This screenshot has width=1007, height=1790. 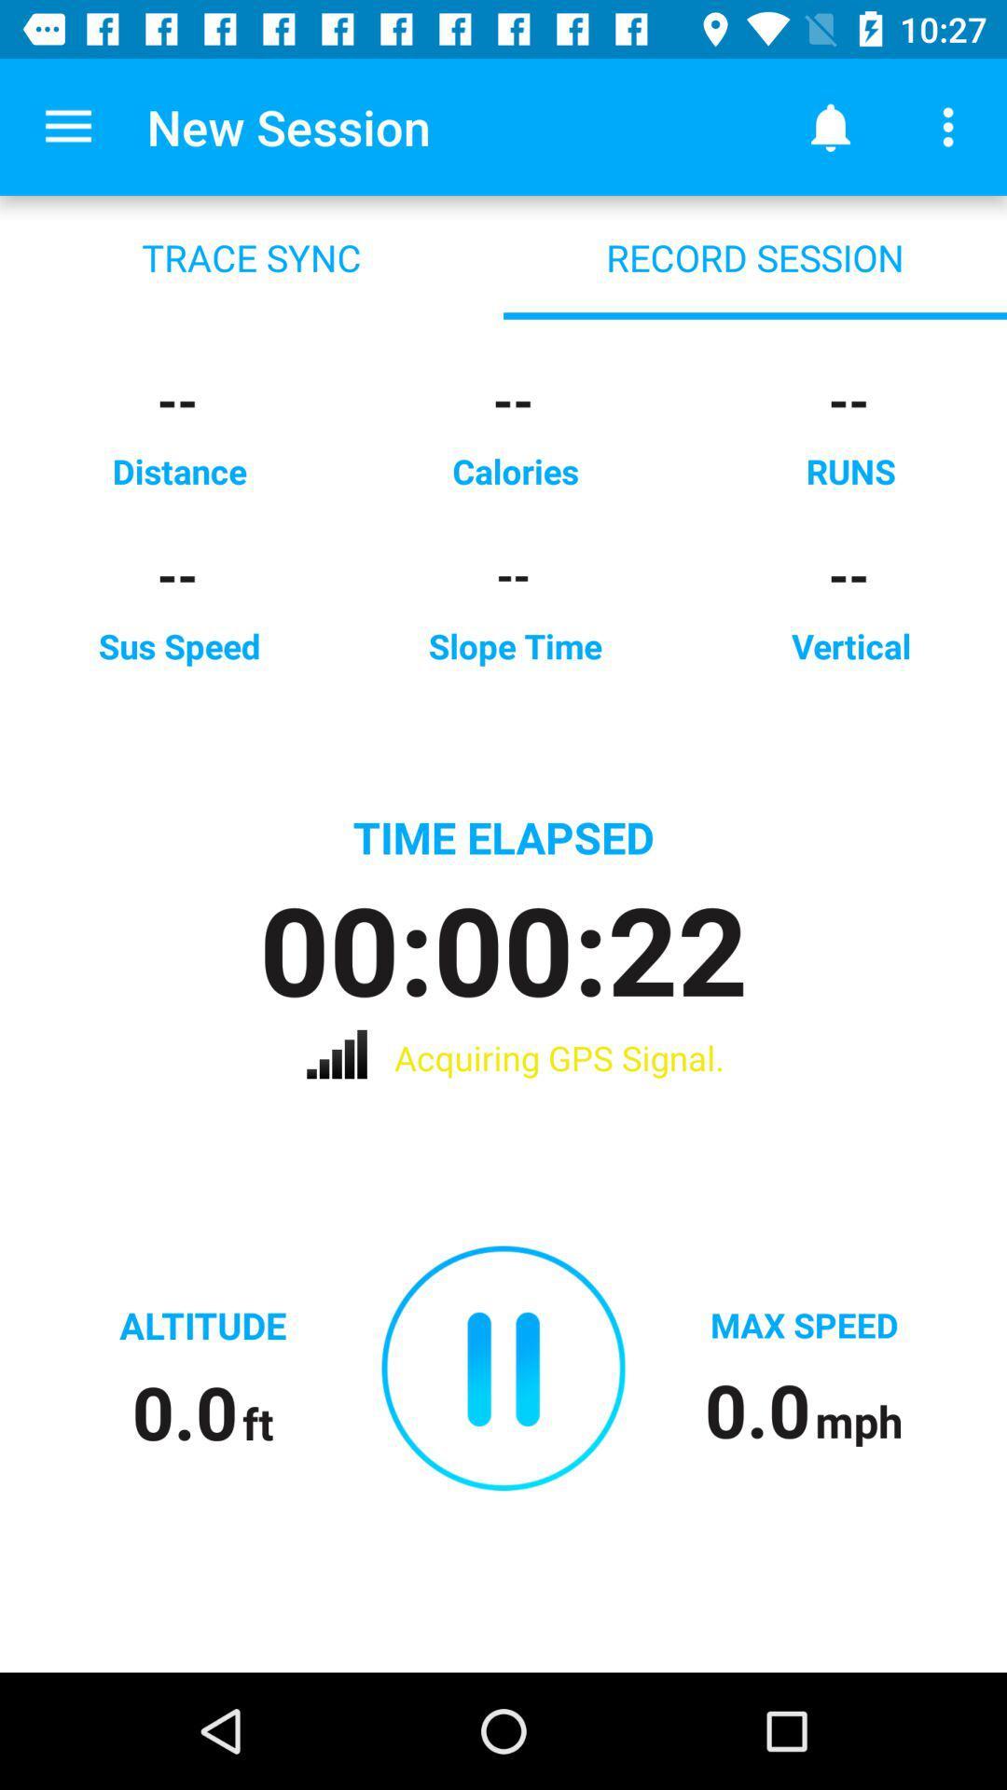 I want to click on the app to the left of new session icon, so click(x=67, y=126).